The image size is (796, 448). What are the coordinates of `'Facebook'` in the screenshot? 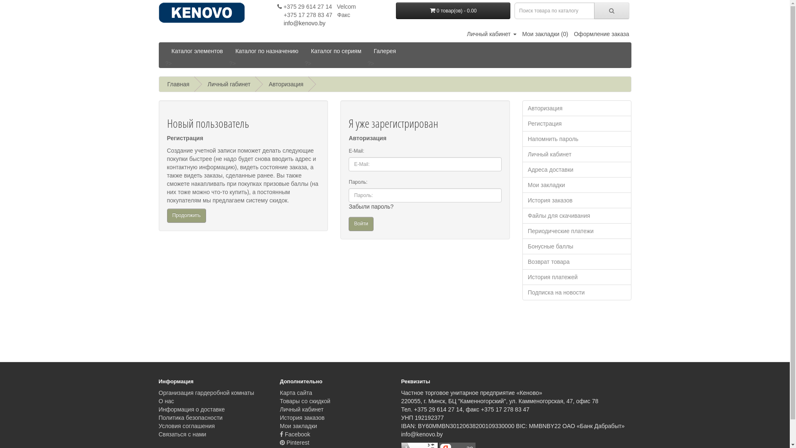 It's located at (295, 433).